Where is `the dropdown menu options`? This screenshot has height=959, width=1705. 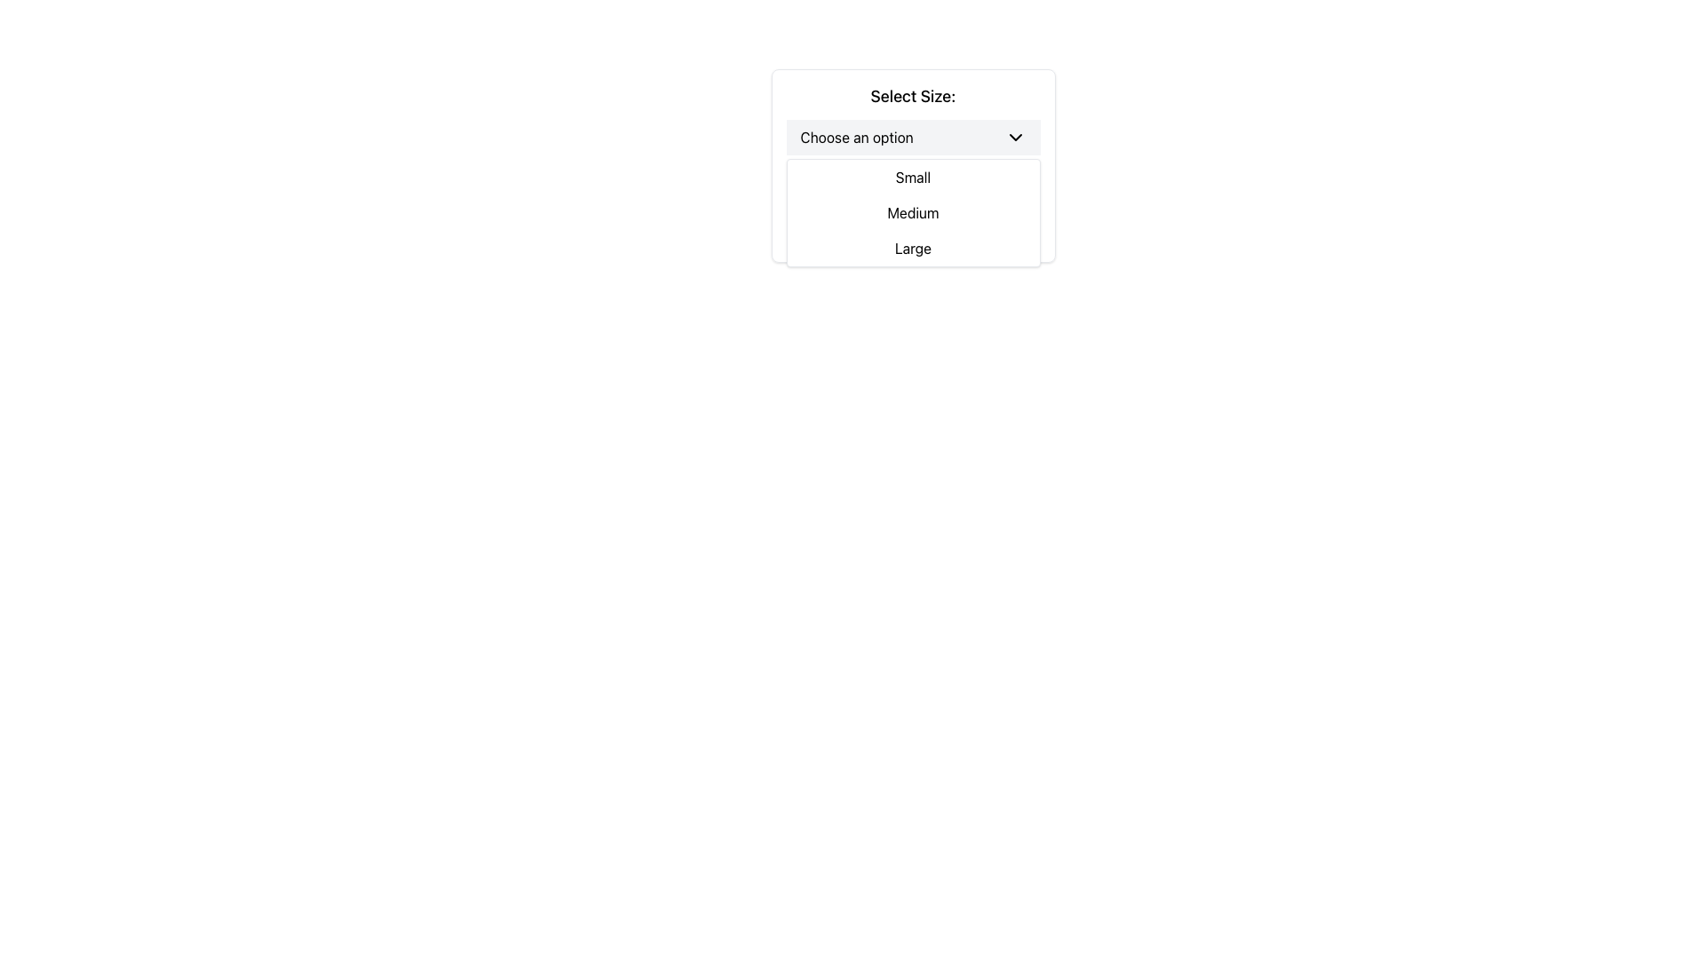
the dropdown menu options is located at coordinates (913, 211).